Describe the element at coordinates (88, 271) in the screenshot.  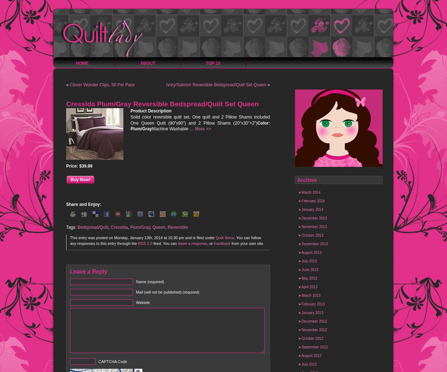
I see `'Leave a Reply'` at that location.